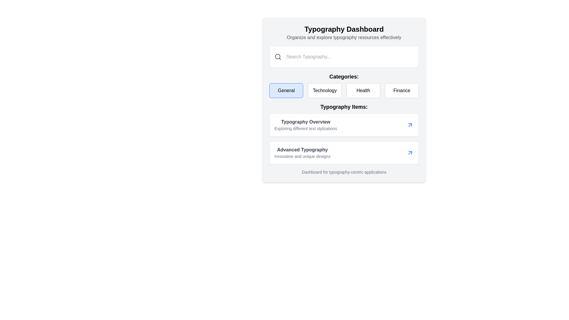 The height and width of the screenshot is (320, 569). Describe the element at coordinates (286, 90) in the screenshot. I see `the 'General' button, which is a rectangular button with a light blue background and a blue border` at that location.